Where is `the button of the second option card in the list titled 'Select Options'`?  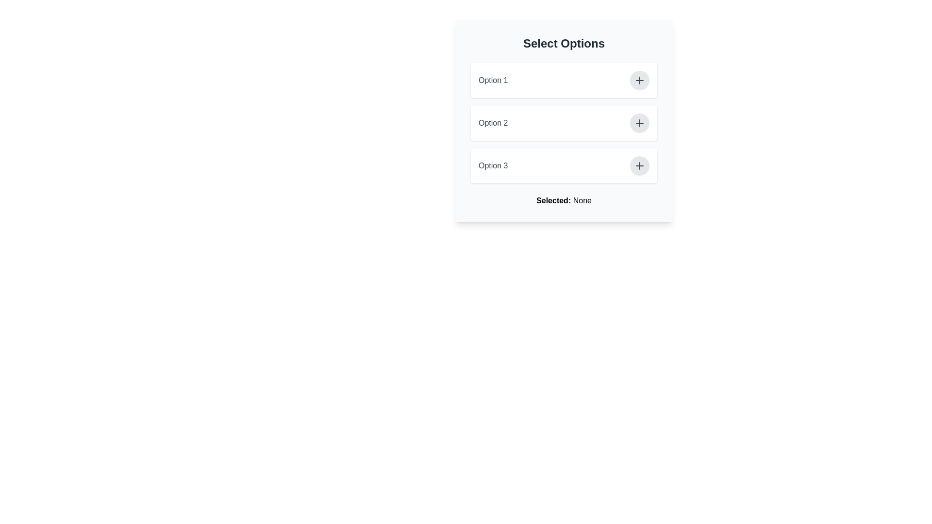 the button of the second option card in the list titled 'Select Options' is located at coordinates (564, 121).